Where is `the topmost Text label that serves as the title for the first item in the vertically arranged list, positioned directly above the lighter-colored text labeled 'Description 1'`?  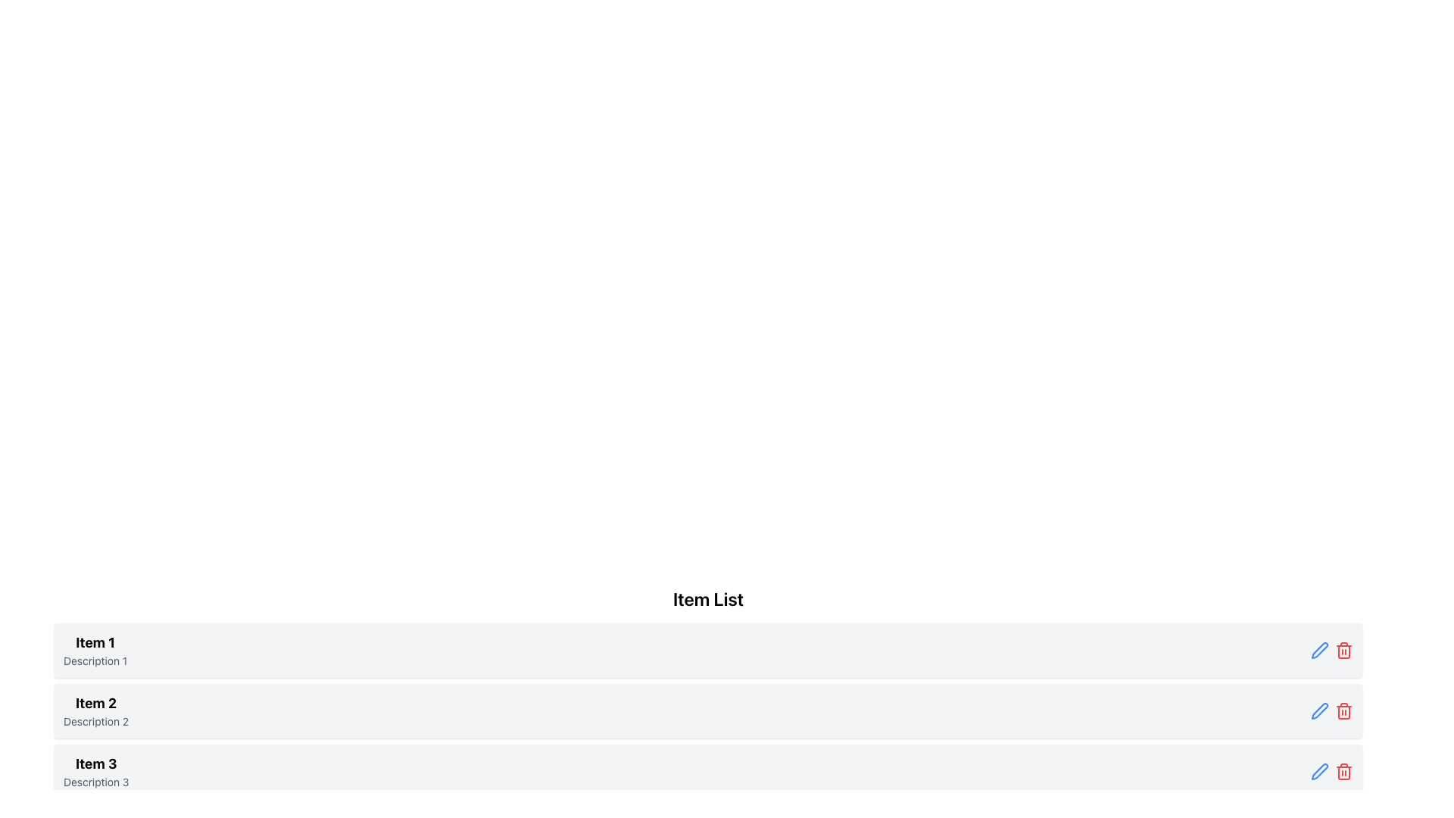 the topmost Text label that serves as the title for the first item in the vertically arranged list, positioned directly above the lighter-colored text labeled 'Description 1' is located at coordinates (95, 642).